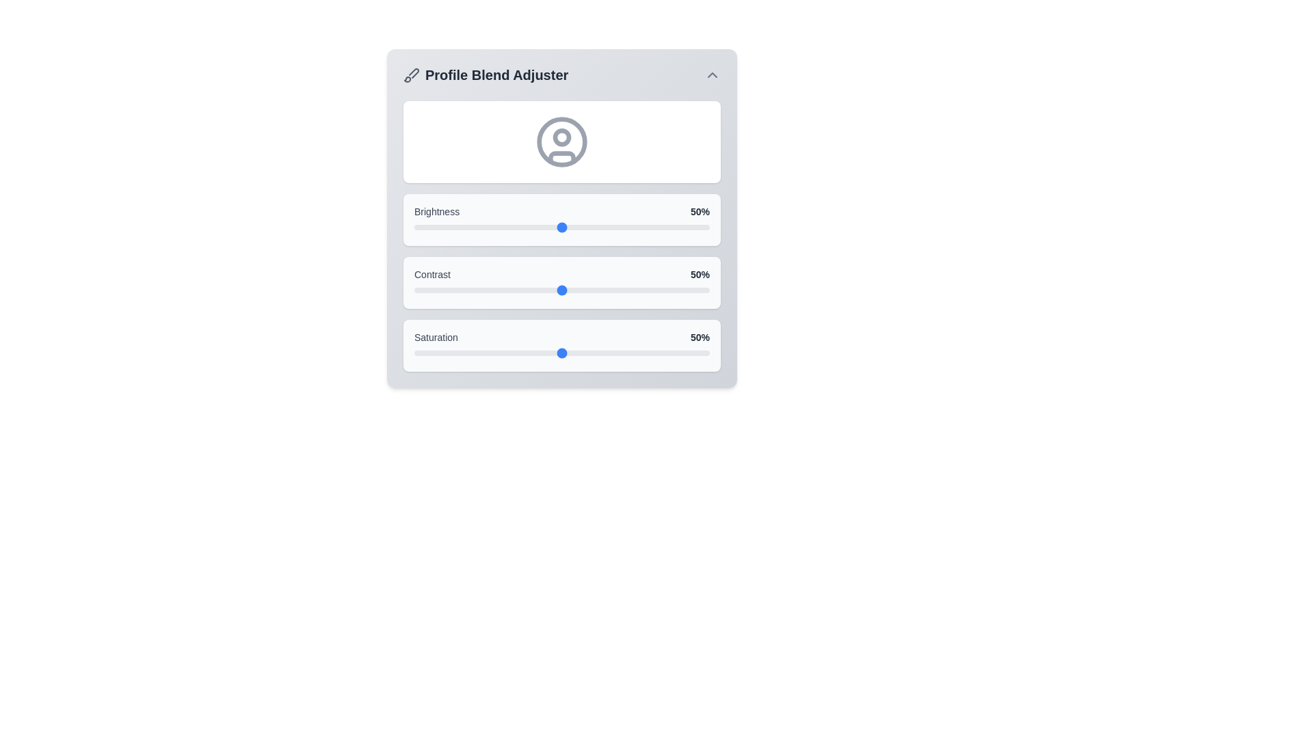 This screenshot has height=738, width=1313. Describe the element at coordinates (486, 75) in the screenshot. I see `the bold text label 'Profile Blend Adjuster' with the accompanying brush icon, located at the top-left of the settings panel` at that location.